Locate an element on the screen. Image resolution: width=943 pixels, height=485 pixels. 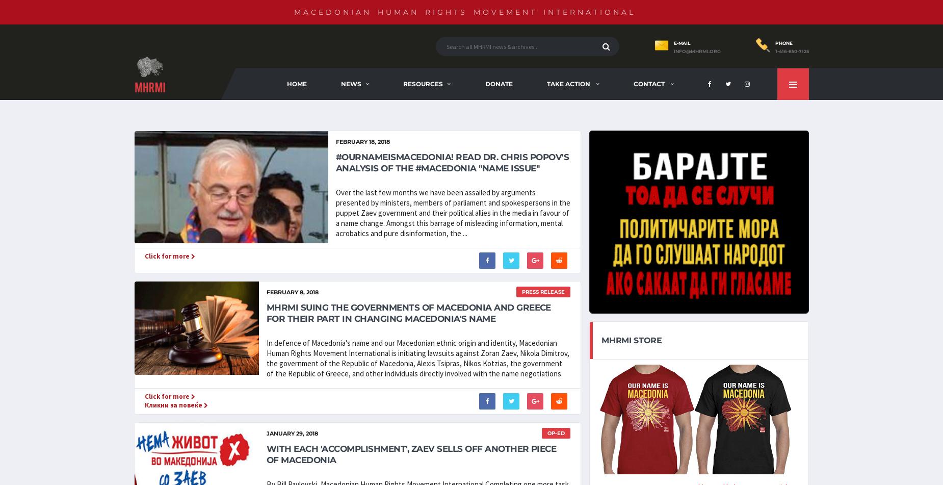
'2006' is located at coordinates (566, 127).